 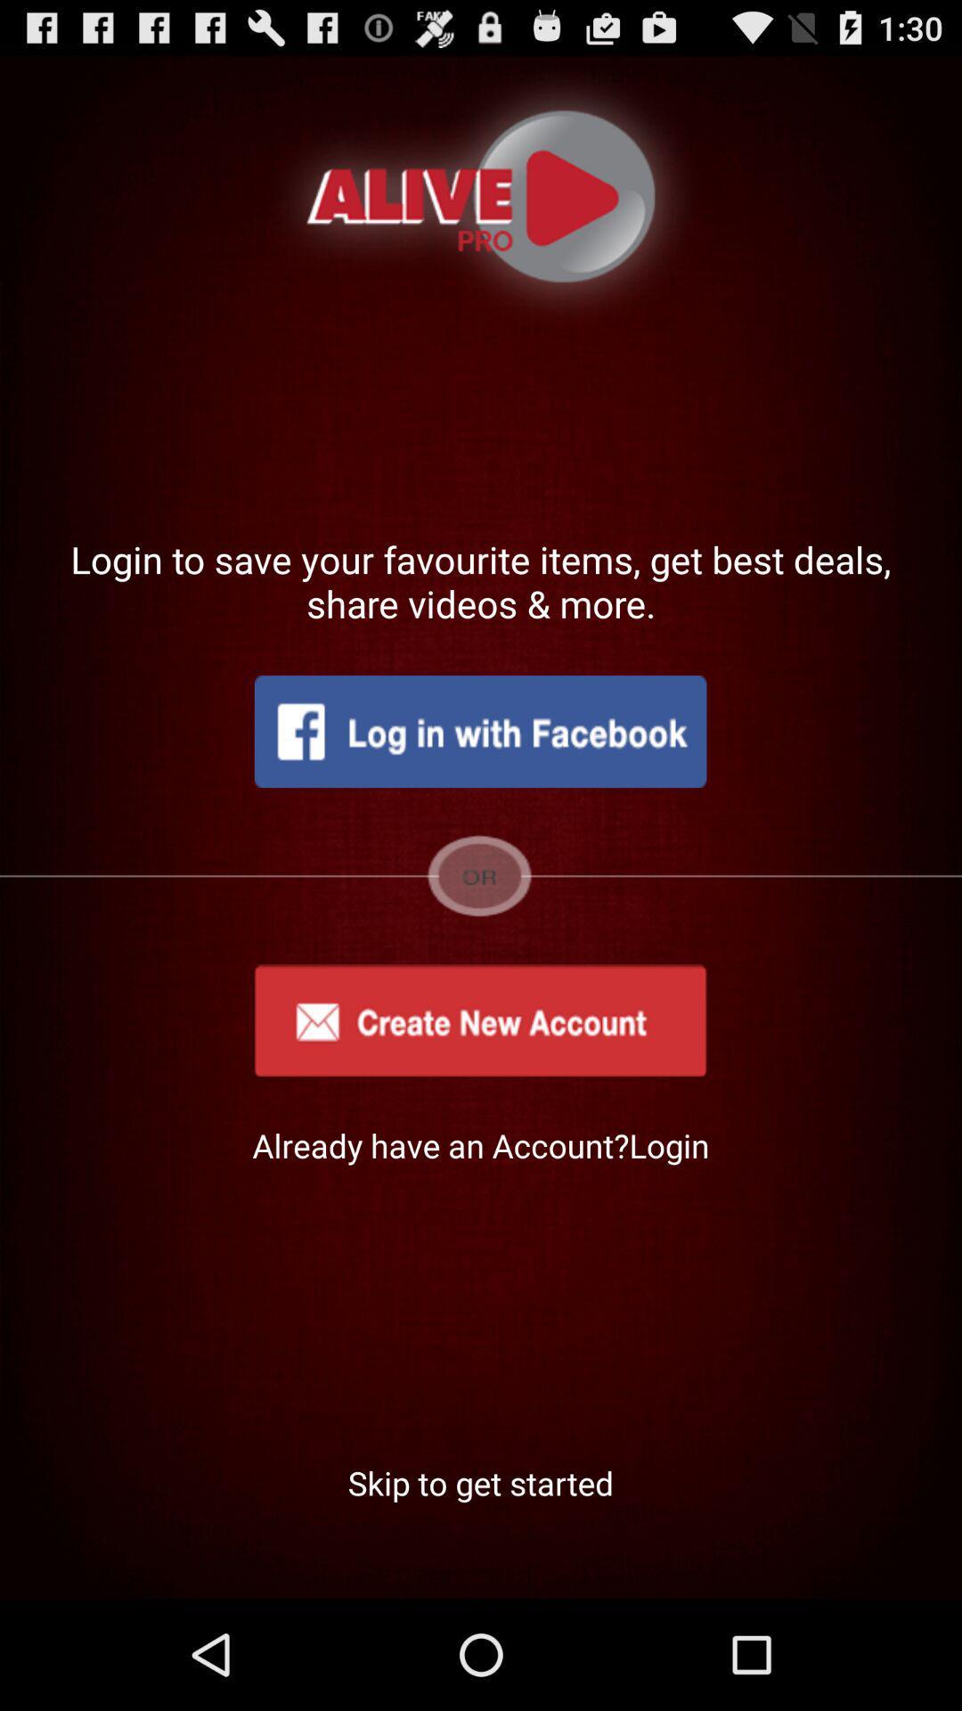 I want to click on login to app using facebook, so click(x=479, y=732).